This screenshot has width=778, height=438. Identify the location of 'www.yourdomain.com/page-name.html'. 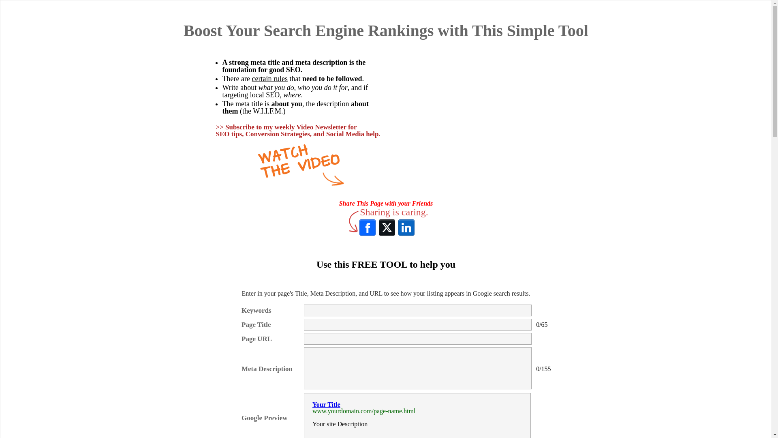
(363, 411).